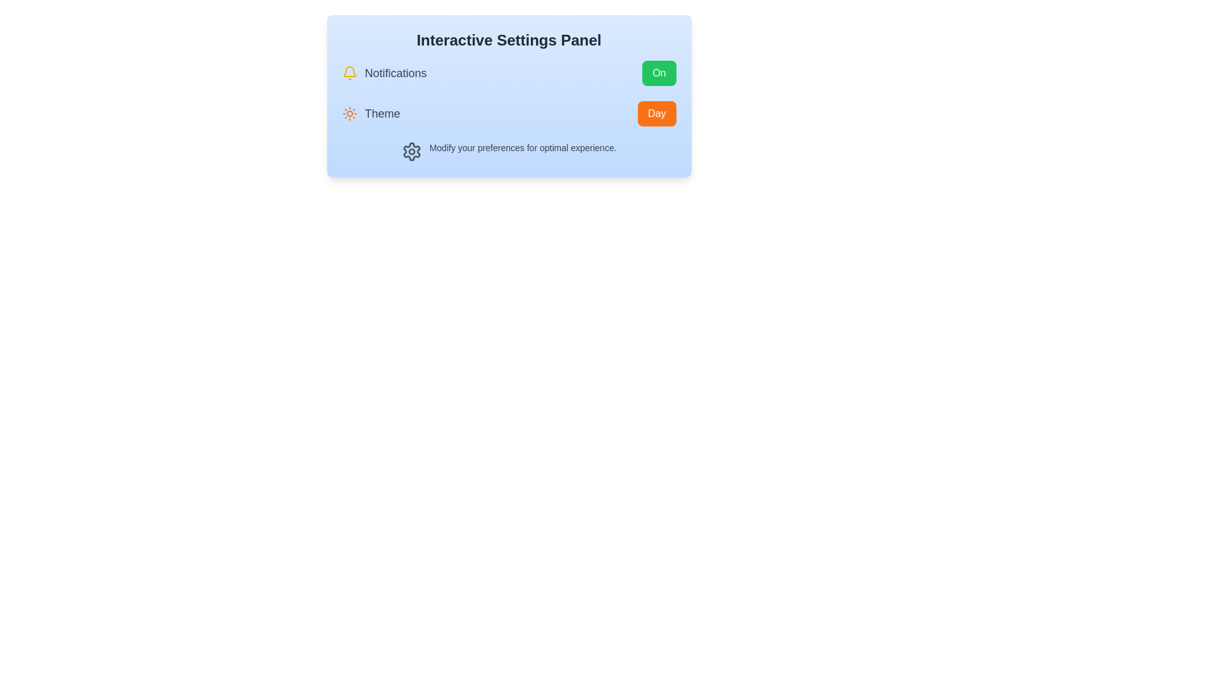  Describe the element at coordinates (395, 73) in the screenshot. I see `the 'Notifications' text label, which is positioned to the right of the yellow bell icon on the left side of the light blue panel` at that location.